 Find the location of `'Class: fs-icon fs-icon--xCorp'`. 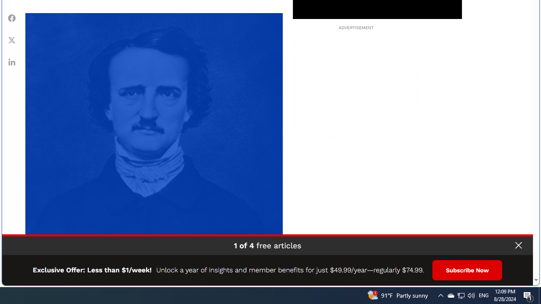

'Class: fs-icon fs-icon--xCorp' is located at coordinates (12, 40).